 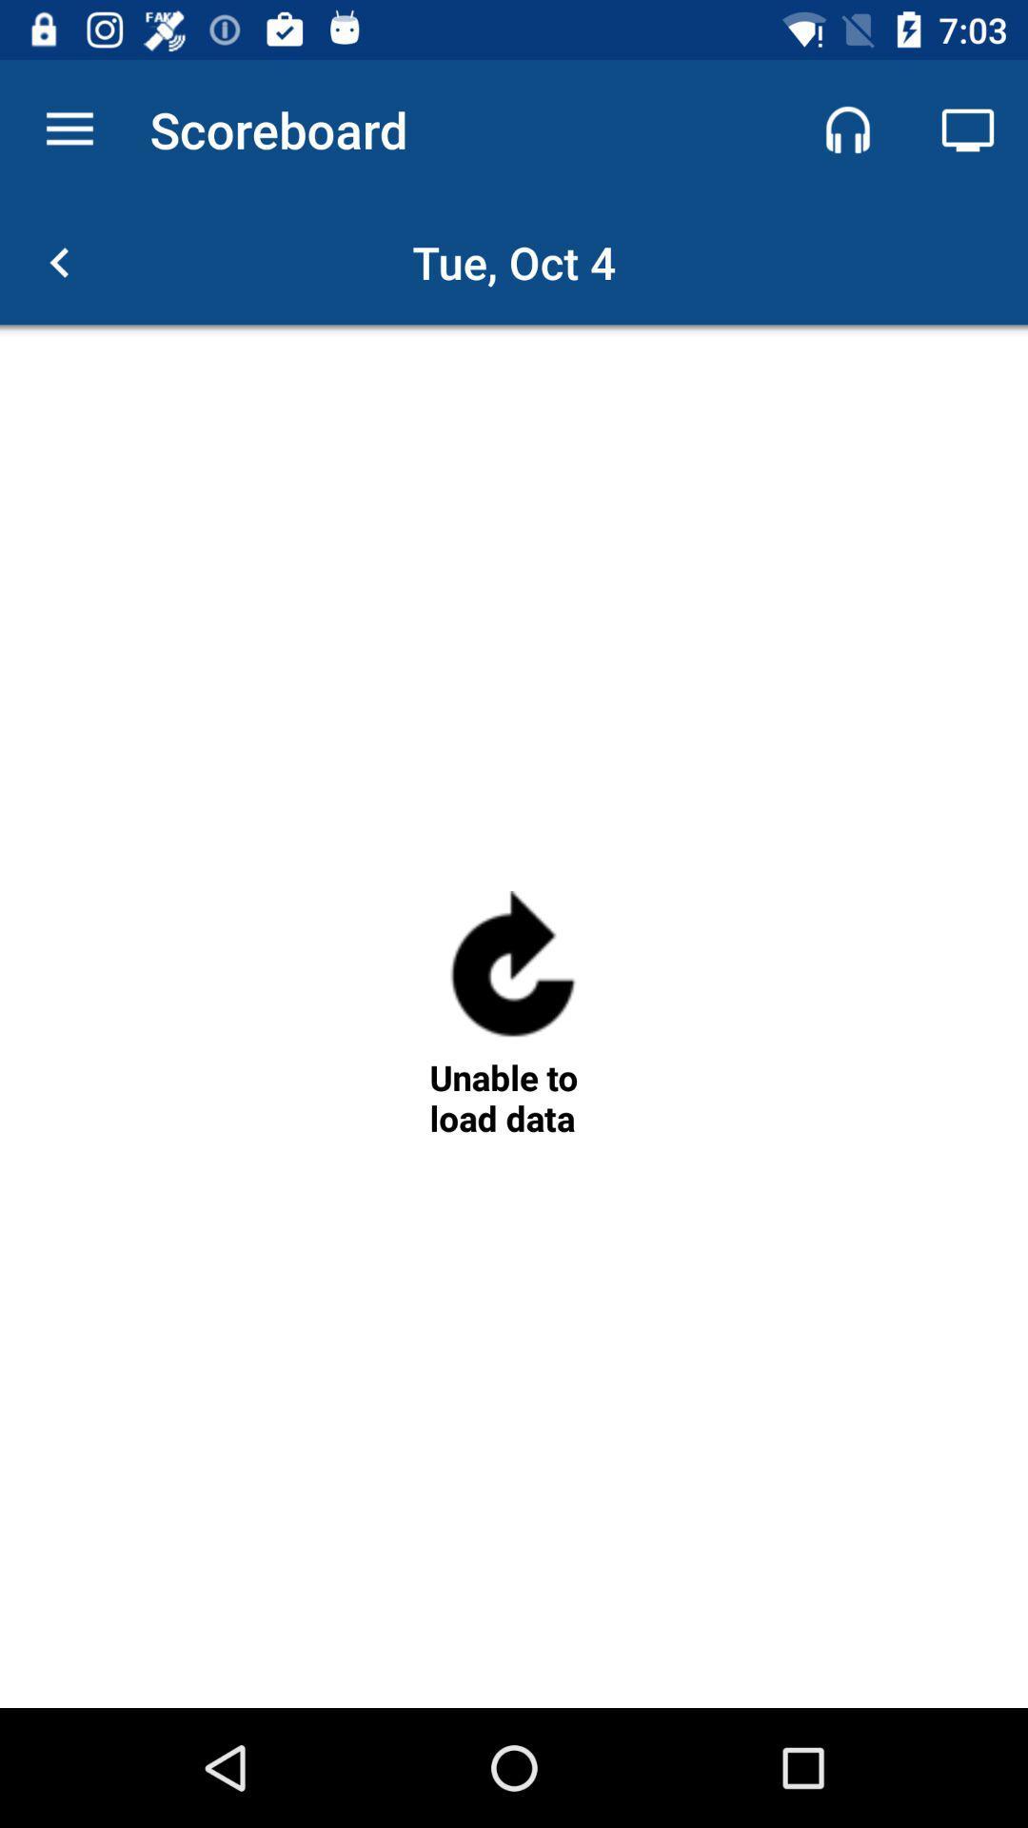 What do you see at coordinates (847, 129) in the screenshot?
I see `item next to the scoreboard app` at bounding box center [847, 129].